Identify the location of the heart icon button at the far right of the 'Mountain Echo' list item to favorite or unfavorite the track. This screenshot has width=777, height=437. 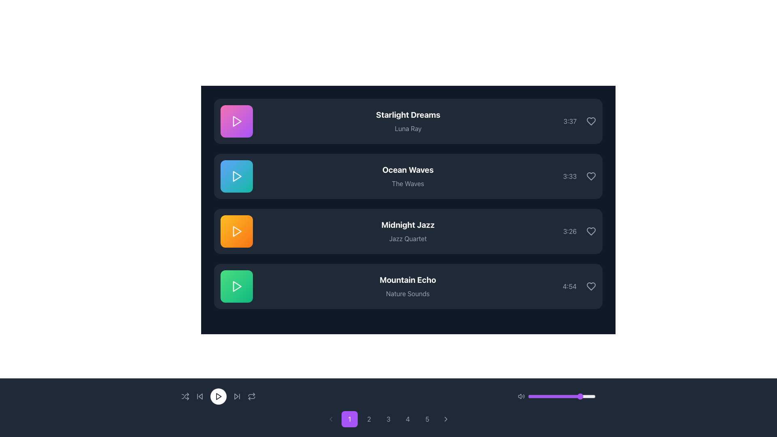
(591, 286).